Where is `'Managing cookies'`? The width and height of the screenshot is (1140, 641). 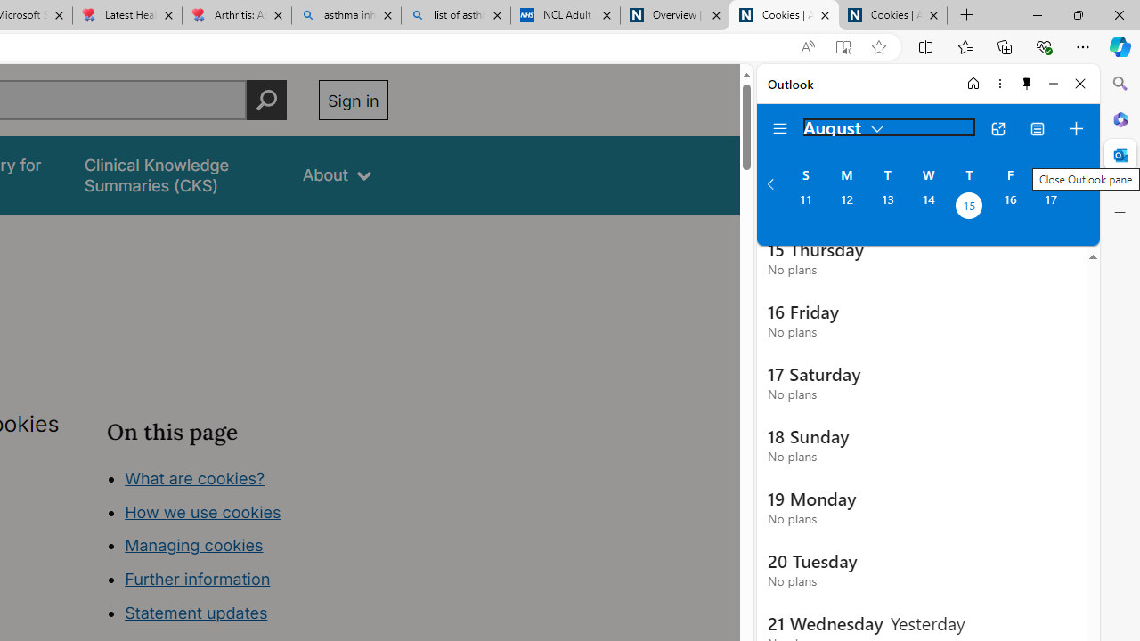
'Managing cookies' is located at coordinates (193, 545).